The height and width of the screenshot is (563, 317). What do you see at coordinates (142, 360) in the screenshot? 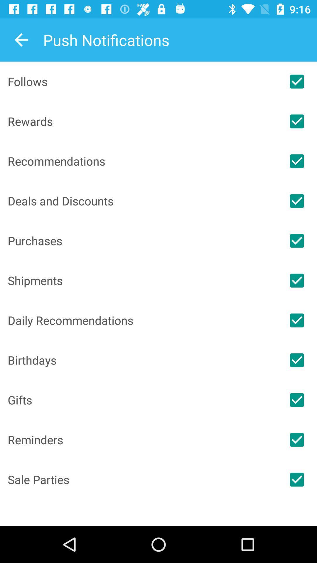
I see `the item below the daily recommendations item` at bounding box center [142, 360].